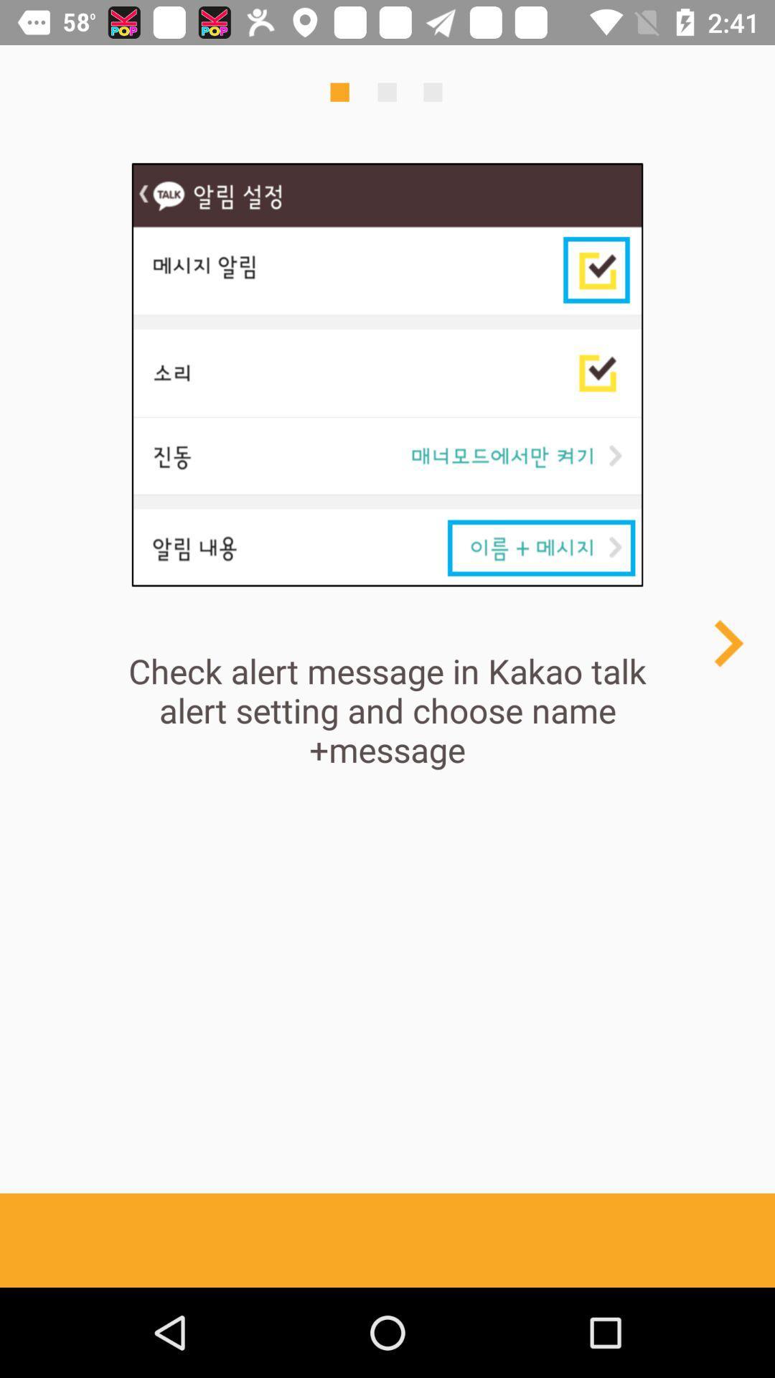  What do you see at coordinates (728, 642) in the screenshot?
I see `advance to next page` at bounding box center [728, 642].